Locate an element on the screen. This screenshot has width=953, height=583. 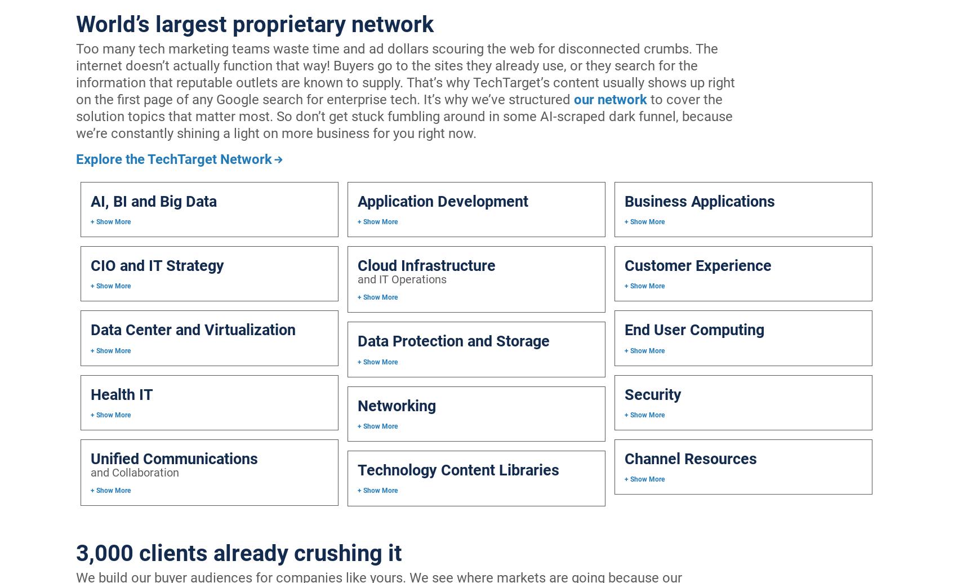
'and Collaboration' is located at coordinates (90, 471).